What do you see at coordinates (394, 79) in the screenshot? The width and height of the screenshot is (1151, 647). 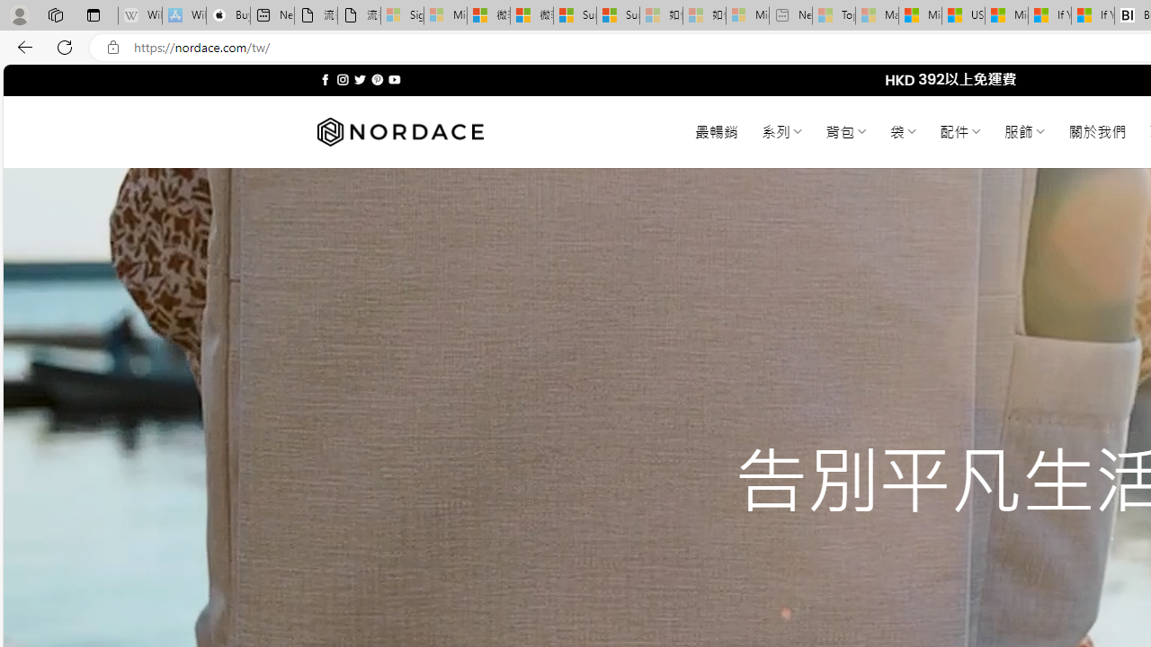 I see `'Follow on YouTube'` at bounding box center [394, 79].